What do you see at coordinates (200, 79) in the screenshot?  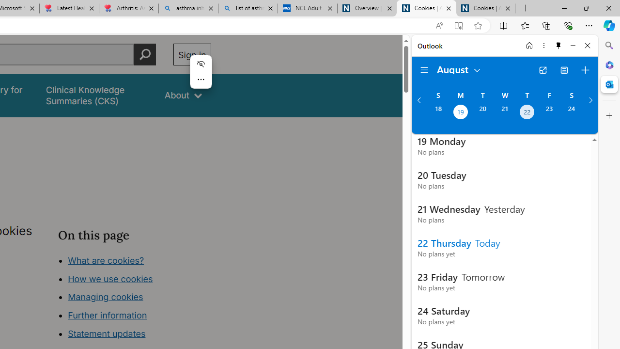 I see `'More actions'` at bounding box center [200, 79].